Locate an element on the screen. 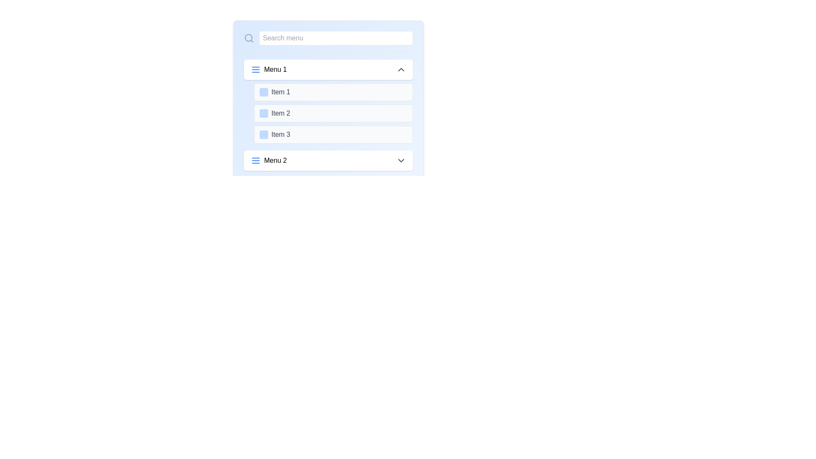  the collapsible menu icon located to the left of the text 'Menu 1' is located at coordinates (255, 69).